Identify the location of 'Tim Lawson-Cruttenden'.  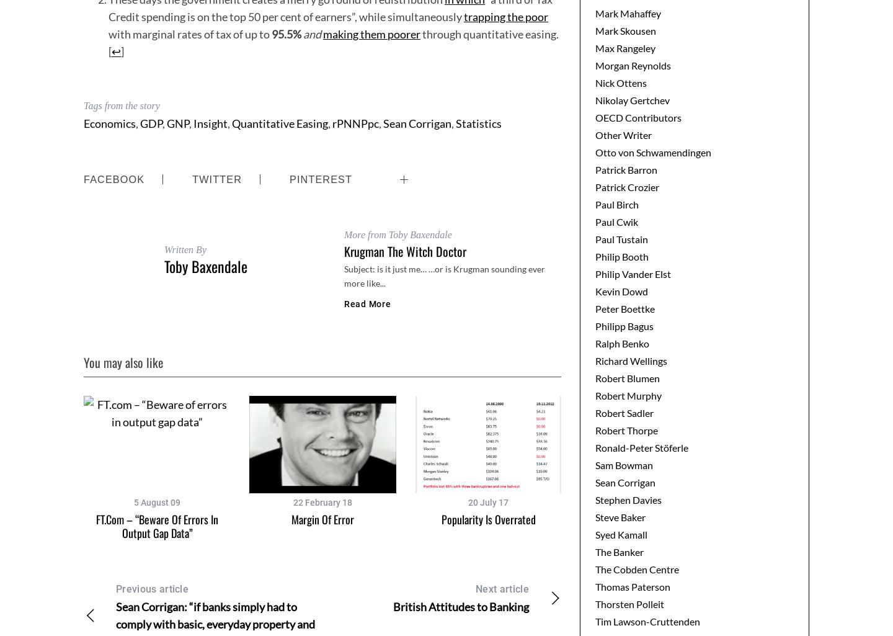
(595, 620).